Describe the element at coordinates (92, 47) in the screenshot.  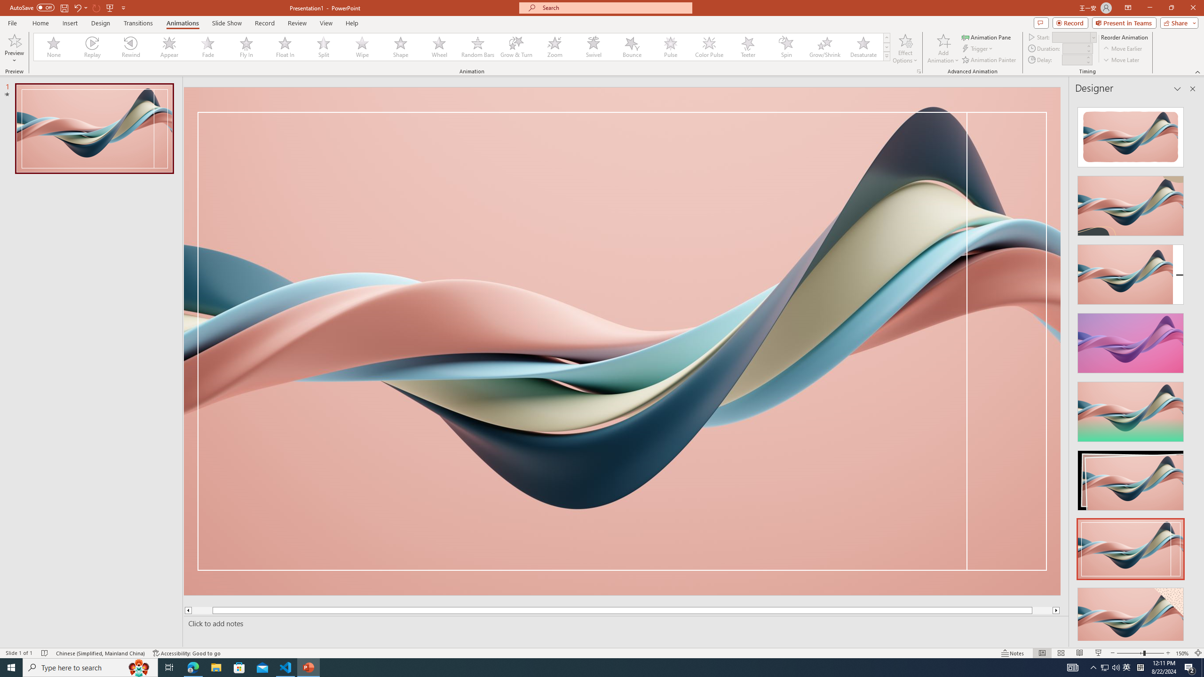
I see `'Replay'` at that location.